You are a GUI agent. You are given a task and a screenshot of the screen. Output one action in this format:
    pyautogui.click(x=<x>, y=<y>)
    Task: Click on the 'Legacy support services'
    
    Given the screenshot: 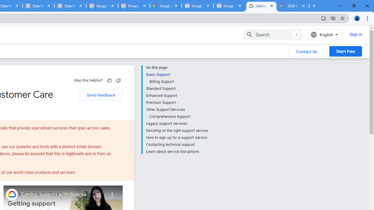 What is the action you would take?
    pyautogui.click(x=176, y=123)
    